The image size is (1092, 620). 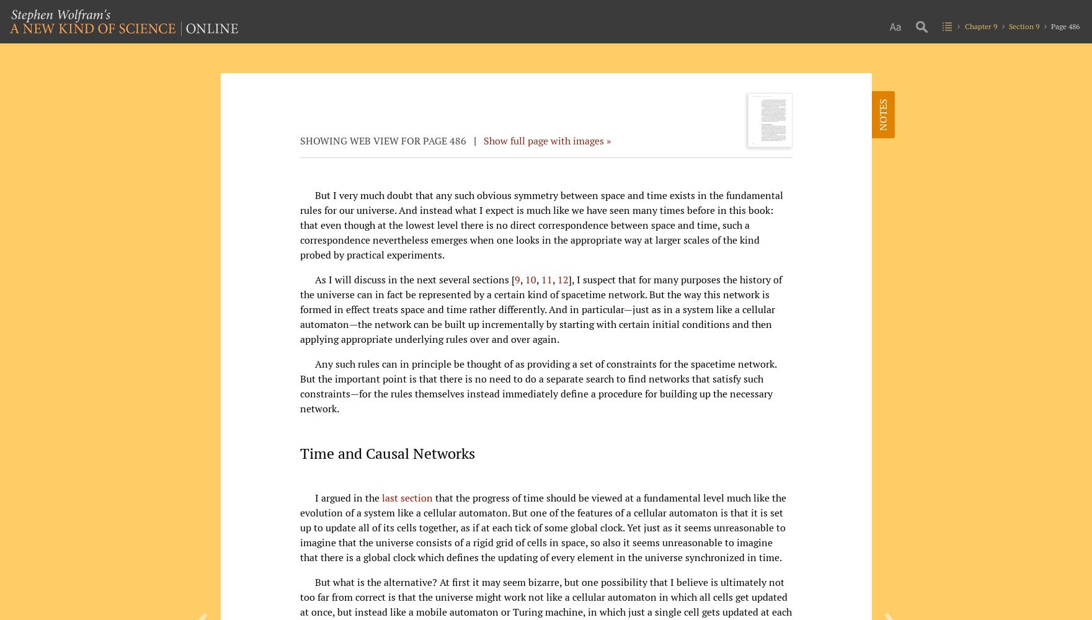 I want to click on 'Chapter 9', so click(x=980, y=26).